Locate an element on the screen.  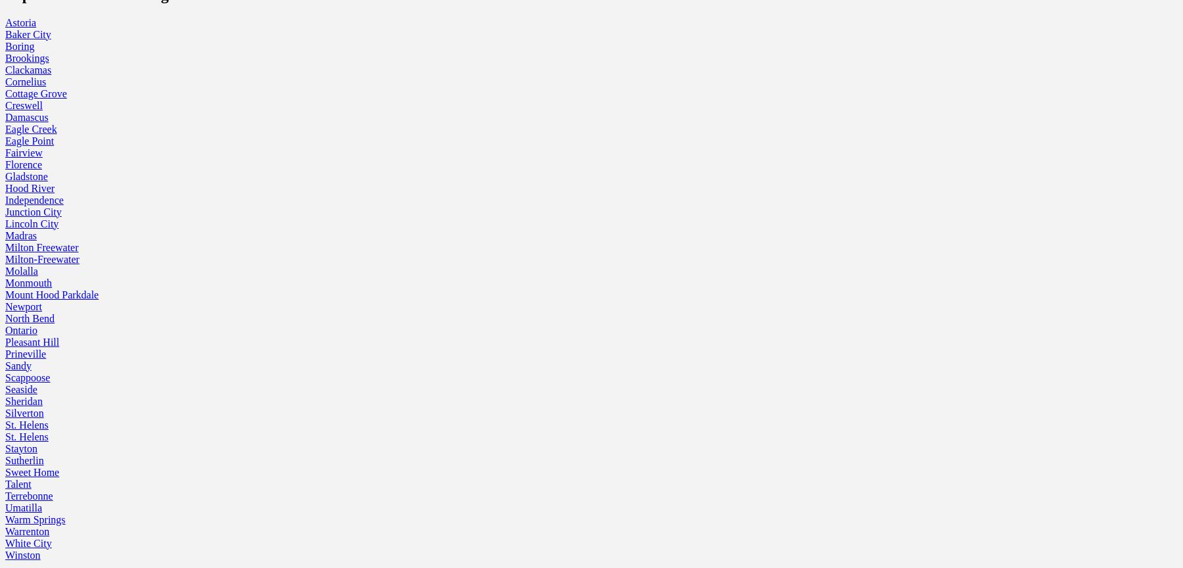
'Damascus' is located at coordinates (26, 116).